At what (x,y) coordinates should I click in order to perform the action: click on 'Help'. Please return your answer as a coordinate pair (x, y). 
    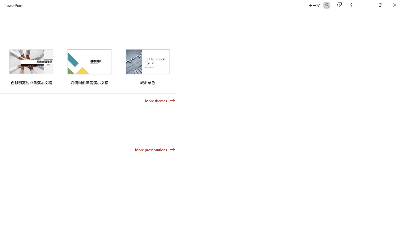
    Looking at the image, I should click on (351, 5).